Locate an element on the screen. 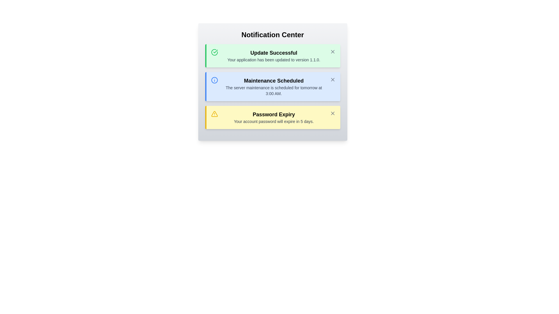 The image size is (559, 314). the dismiss button located to the right edge of the notification titled 'Password Expiry' is located at coordinates (332, 113).